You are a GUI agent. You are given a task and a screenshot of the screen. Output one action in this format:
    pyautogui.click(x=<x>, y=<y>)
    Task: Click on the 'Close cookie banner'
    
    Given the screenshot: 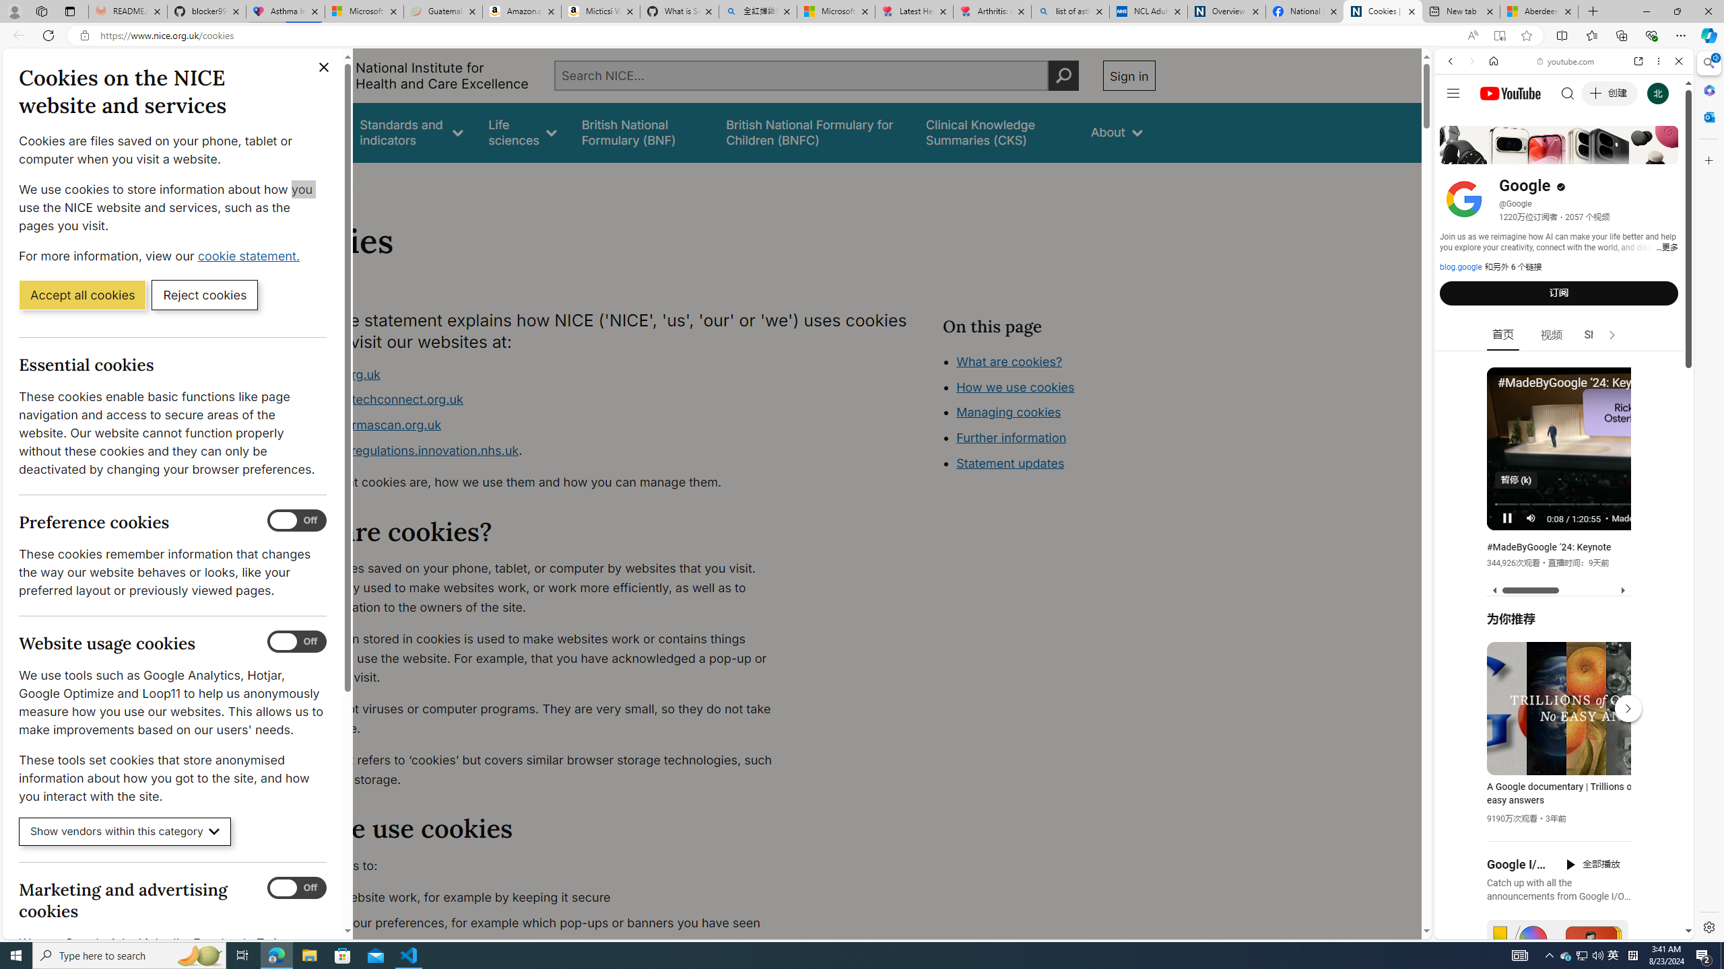 What is the action you would take?
    pyautogui.click(x=324, y=67)
    